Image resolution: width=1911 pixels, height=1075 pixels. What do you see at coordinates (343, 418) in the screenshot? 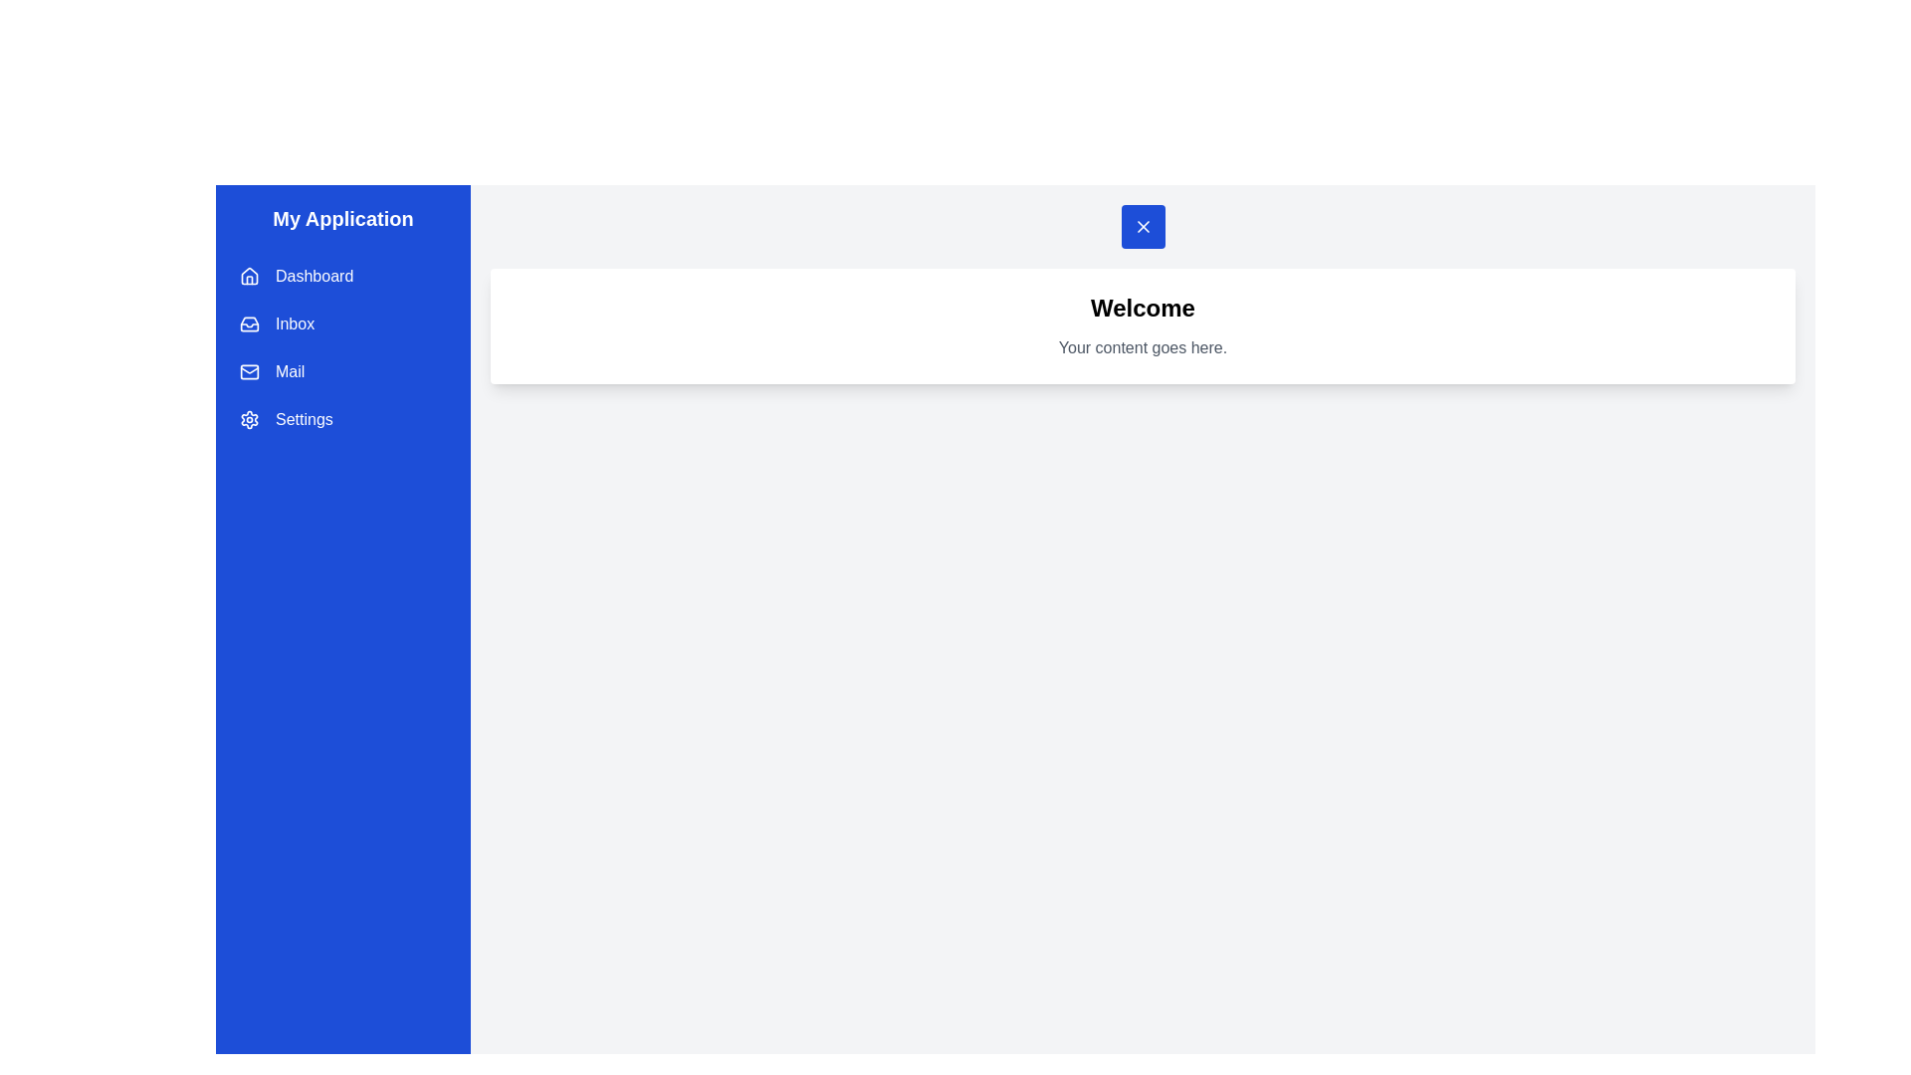
I see `the drawer menu item labeled Settings` at bounding box center [343, 418].